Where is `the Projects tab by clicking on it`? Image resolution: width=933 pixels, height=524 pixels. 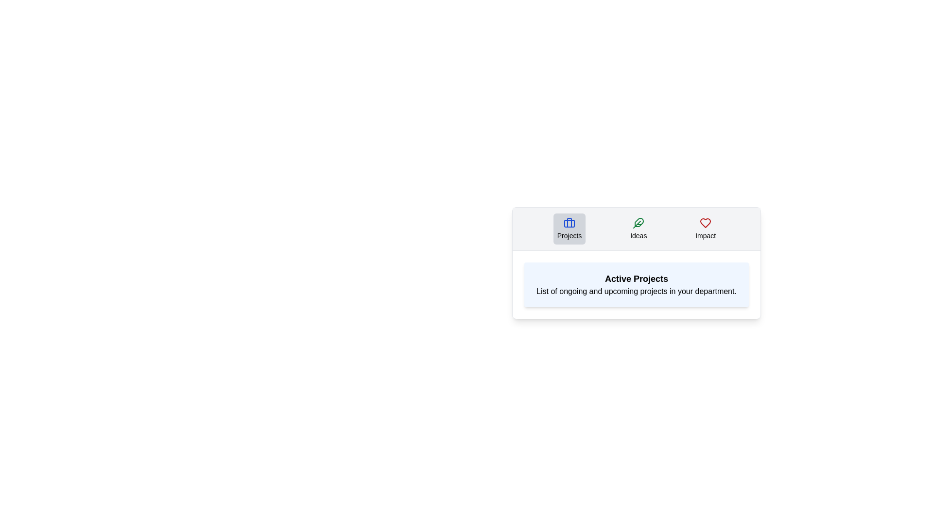 the Projects tab by clicking on it is located at coordinates (569, 229).